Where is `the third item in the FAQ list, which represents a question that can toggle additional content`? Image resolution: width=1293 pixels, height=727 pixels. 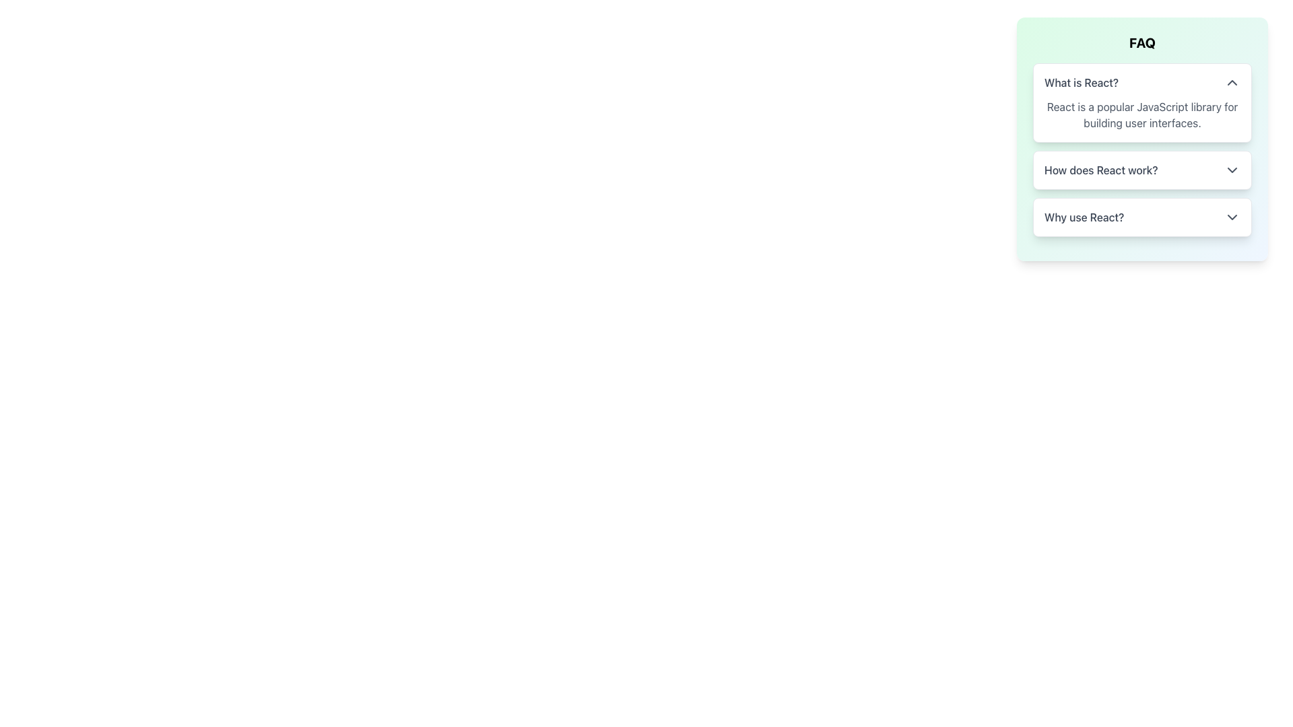
the third item in the FAQ list, which represents a question that can toggle additional content is located at coordinates (1141, 217).